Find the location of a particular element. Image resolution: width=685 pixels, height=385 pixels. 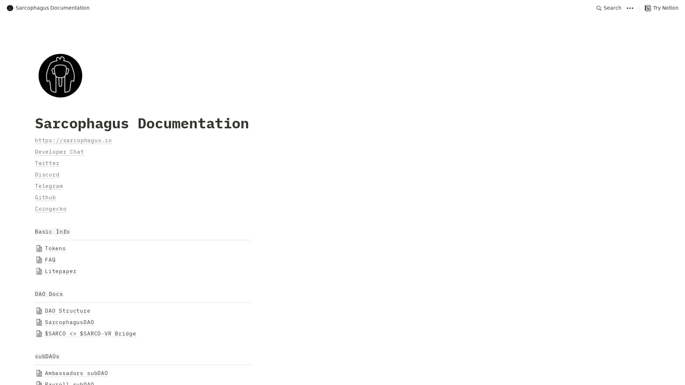

DAO Structure is located at coordinates (342, 310).